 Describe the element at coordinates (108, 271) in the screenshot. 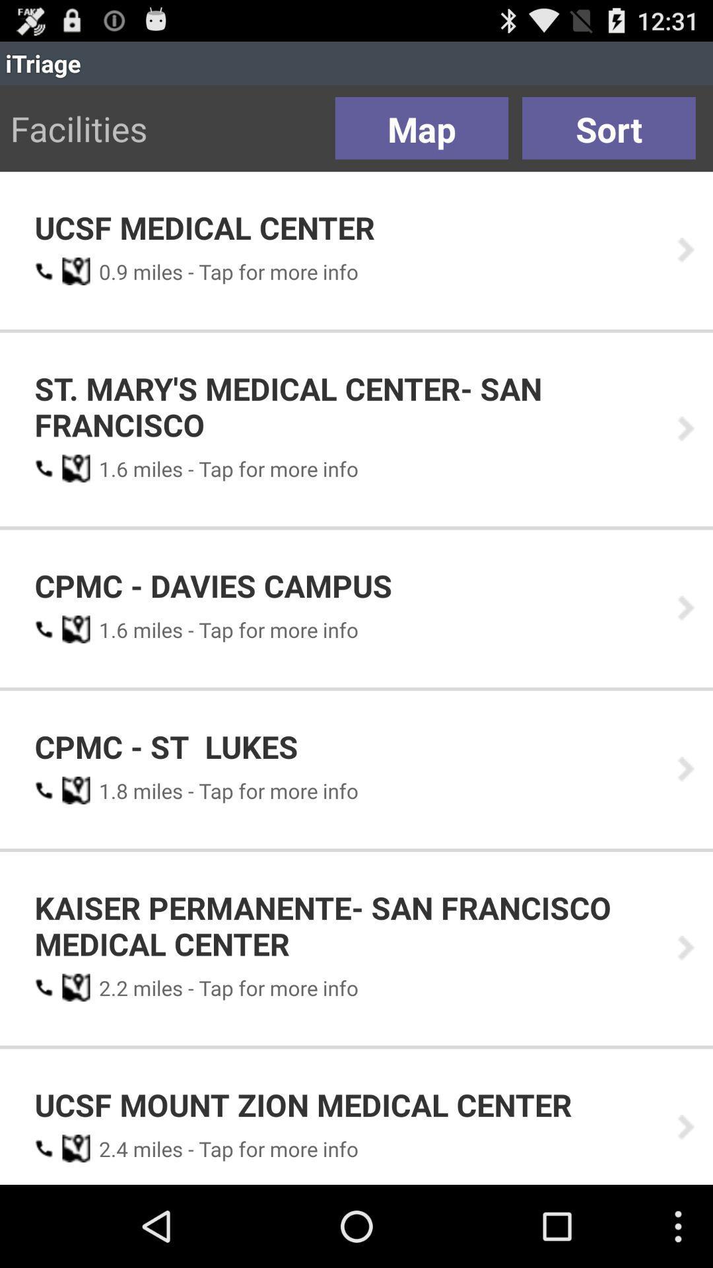

I see `the app above st mary s icon` at that location.